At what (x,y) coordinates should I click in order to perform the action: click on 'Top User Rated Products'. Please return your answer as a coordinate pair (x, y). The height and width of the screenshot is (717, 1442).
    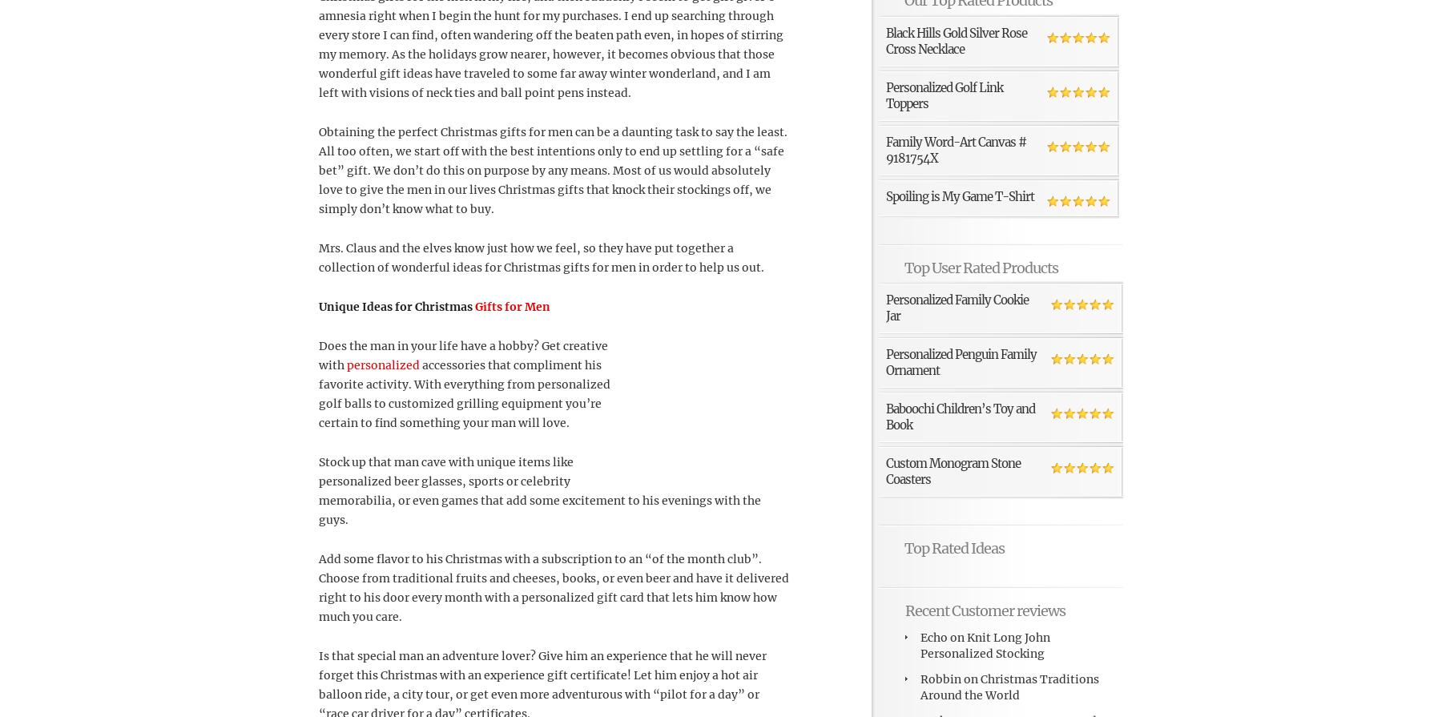
    Looking at the image, I should click on (981, 267).